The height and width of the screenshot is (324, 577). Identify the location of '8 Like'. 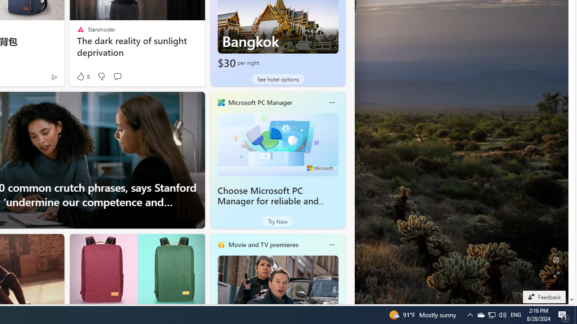
(82, 76).